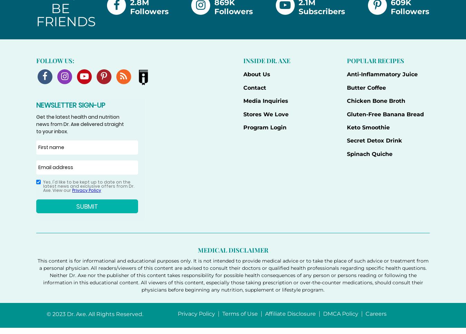  Describe the element at coordinates (369, 153) in the screenshot. I see `'Spinach Quiche'` at that location.